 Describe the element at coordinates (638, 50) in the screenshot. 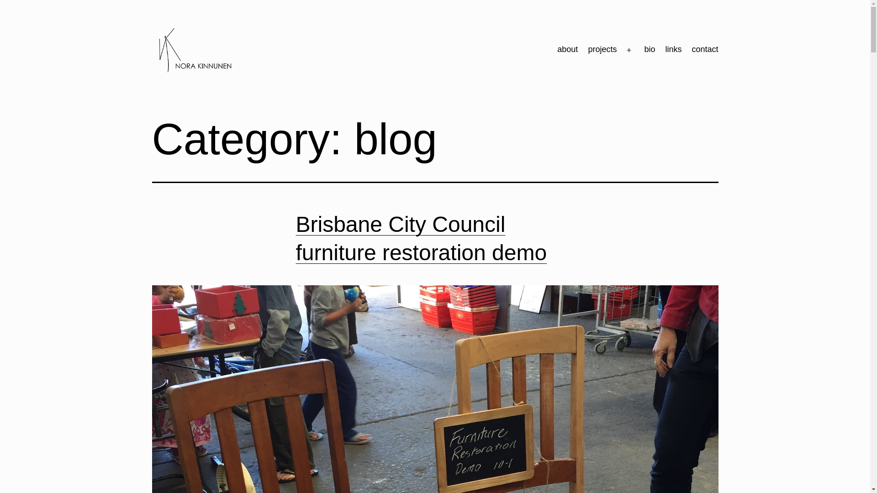

I see `'bio'` at that location.